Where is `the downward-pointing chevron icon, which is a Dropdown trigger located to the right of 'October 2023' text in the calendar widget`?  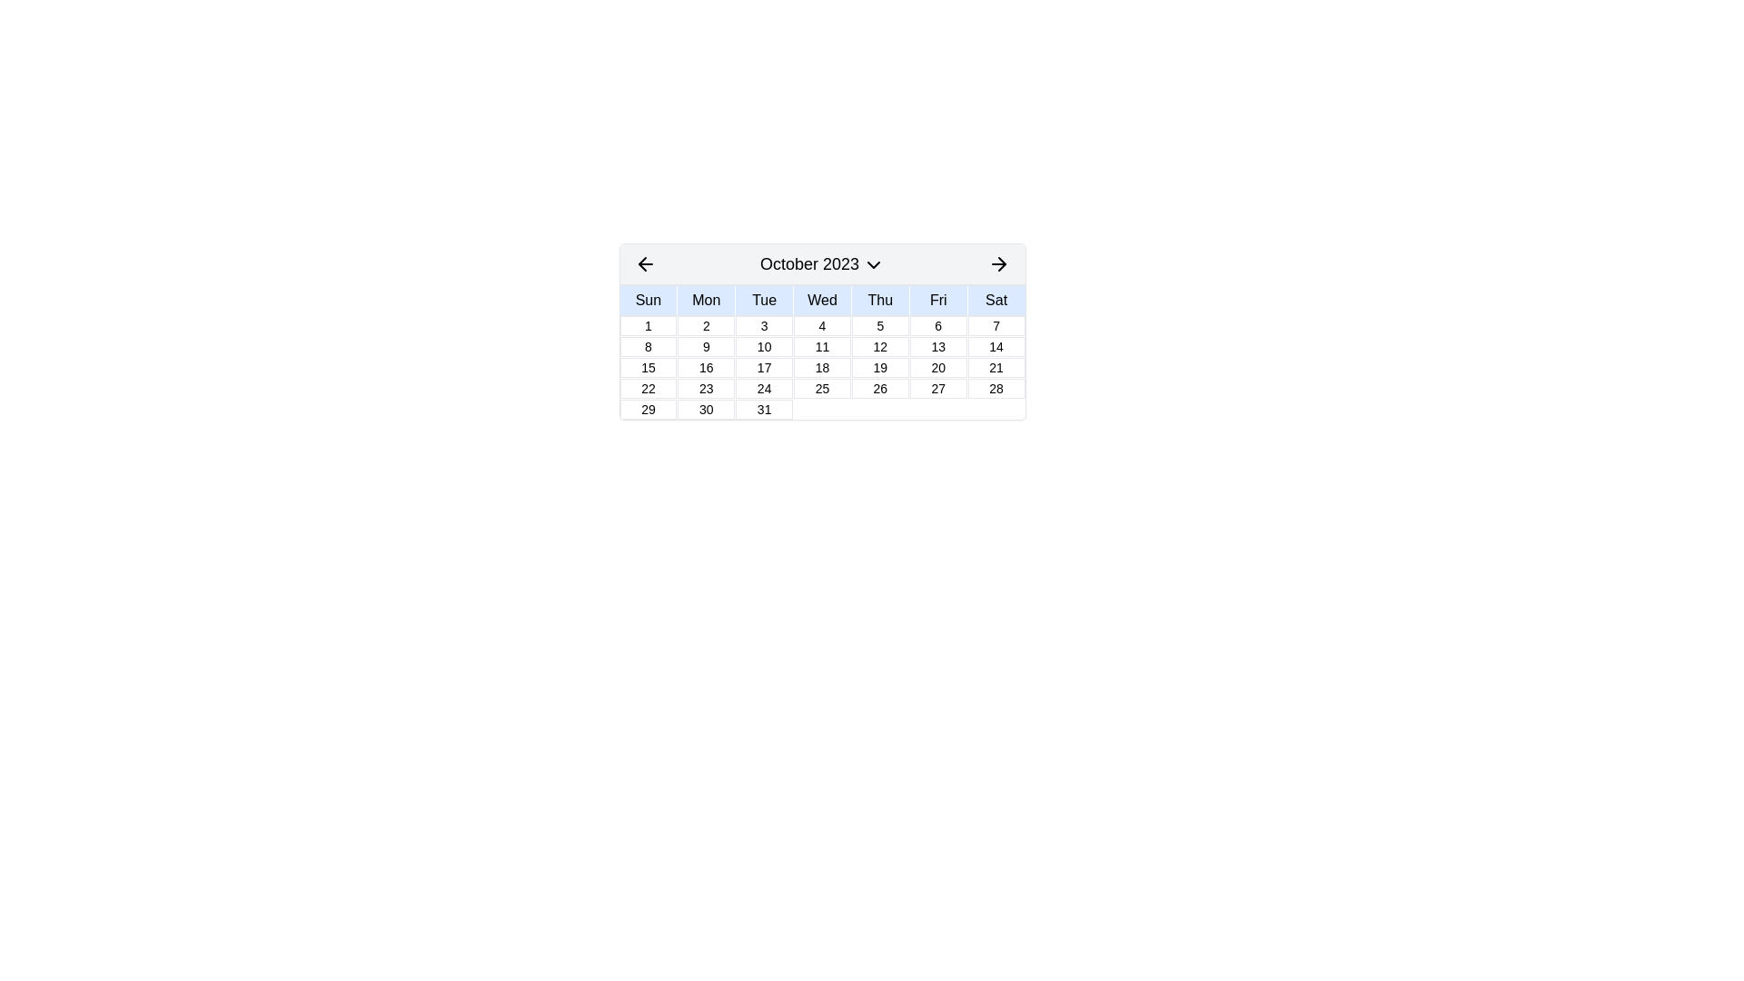 the downward-pointing chevron icon, which is a Dropdown trigger located to the right of 'October 2023' text in the calendar widget is located at coordinates (874, 265).